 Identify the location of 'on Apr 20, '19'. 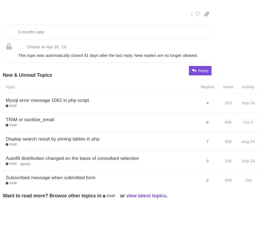
(53, 46).